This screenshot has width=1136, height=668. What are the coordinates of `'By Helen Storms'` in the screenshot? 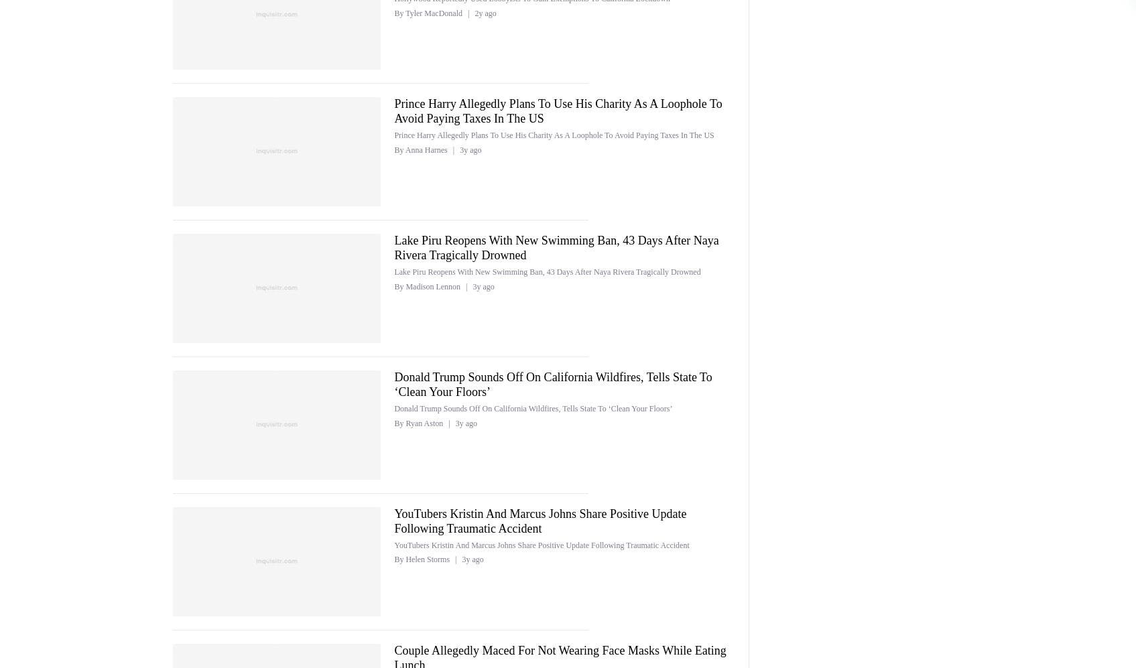 It's located at (393, 559).